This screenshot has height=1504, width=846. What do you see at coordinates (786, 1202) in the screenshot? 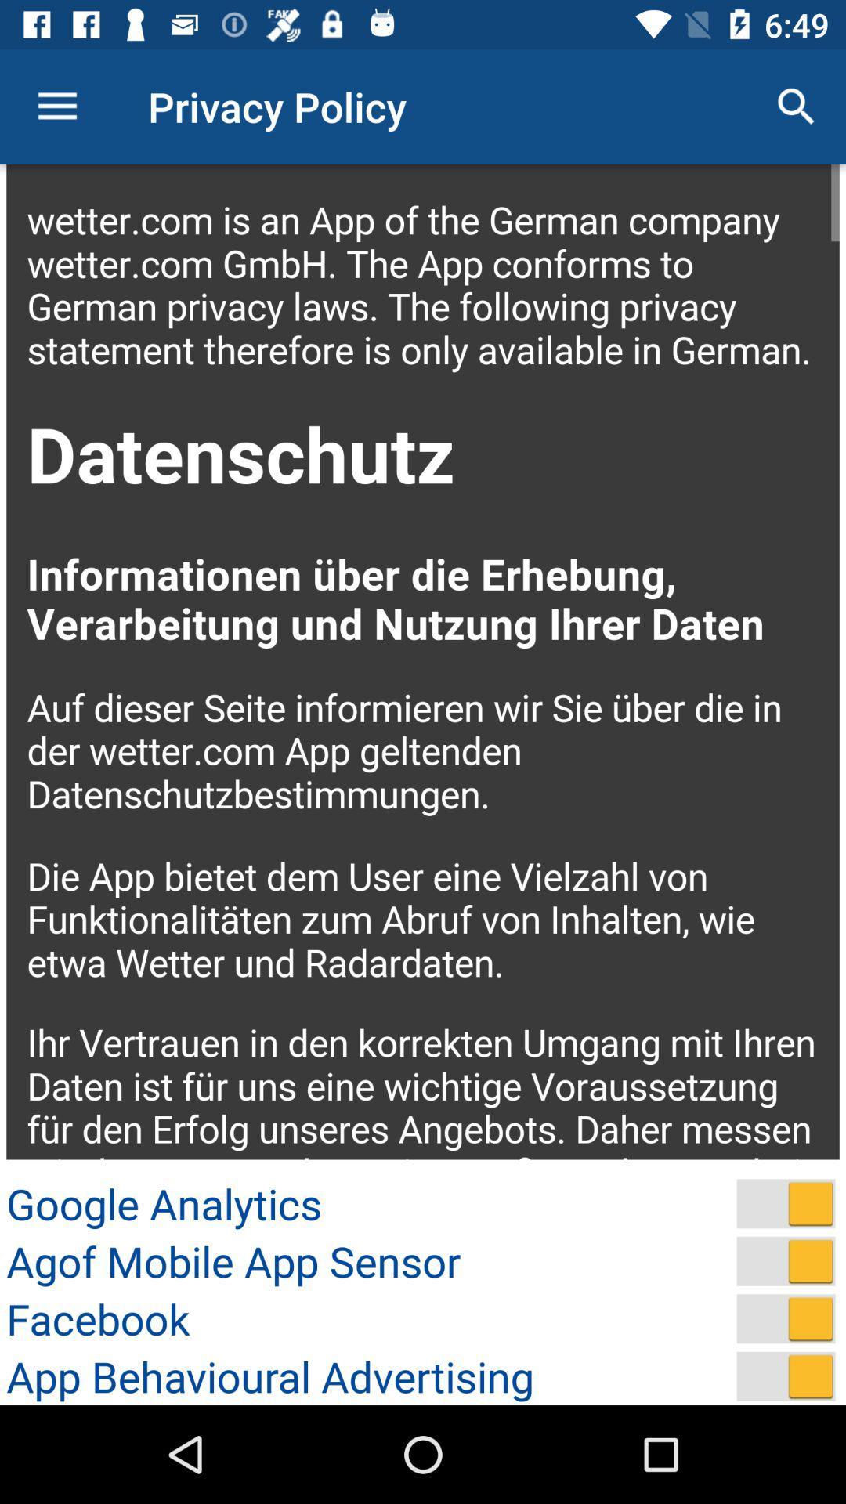
I see `google analytics open` at bounding box center [786, 1202].